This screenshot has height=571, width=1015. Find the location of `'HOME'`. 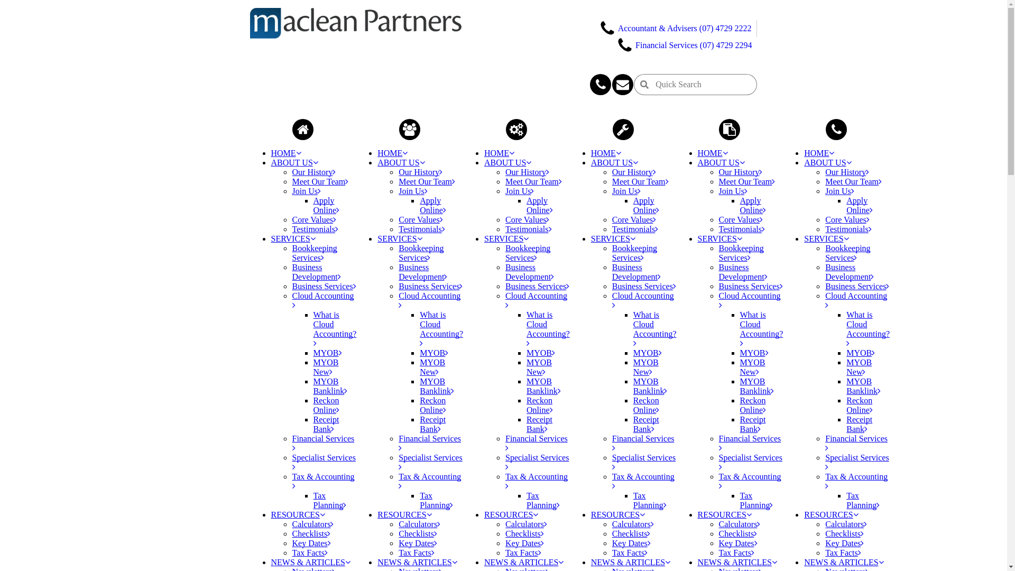

'HOME' is located at coordinates (713, 153).